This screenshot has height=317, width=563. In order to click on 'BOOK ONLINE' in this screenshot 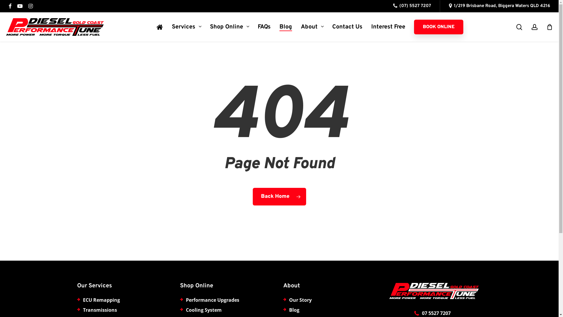, I will do `click(413, 27)`.